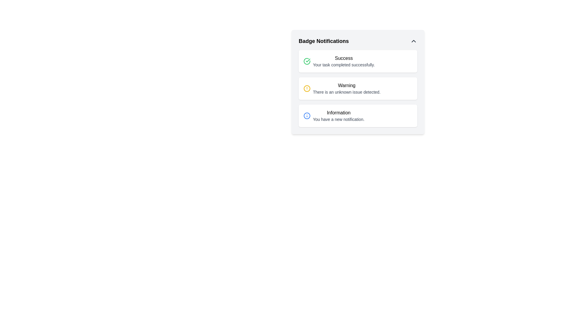  What do you see at coordinates (347, 86) in the screenshot?
I see `the warning text label that displays 'There is an unknown issue detected.' located at the upper half of the notification card in the 'Badge Notifications' section` at bounding box center [347, 86].